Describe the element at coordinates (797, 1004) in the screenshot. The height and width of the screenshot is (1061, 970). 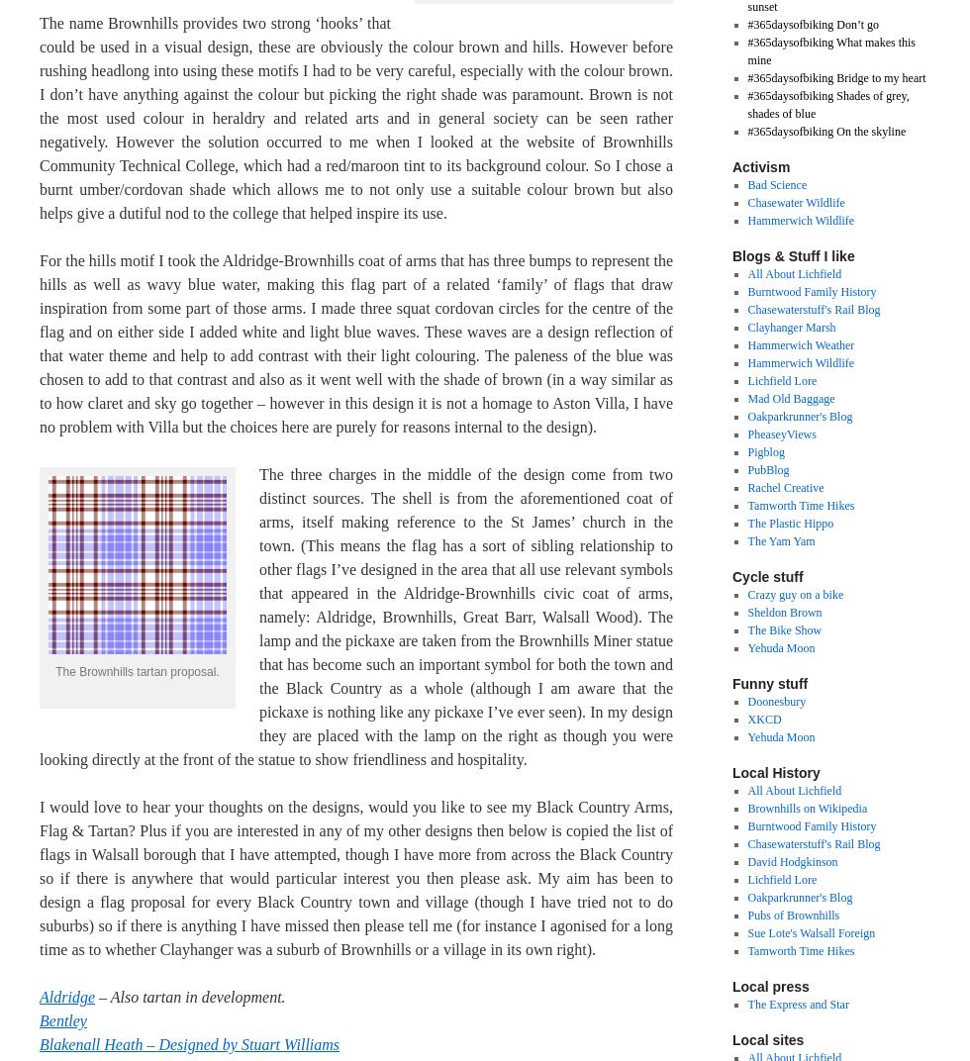
I see `'The Express and Star'` at that location.